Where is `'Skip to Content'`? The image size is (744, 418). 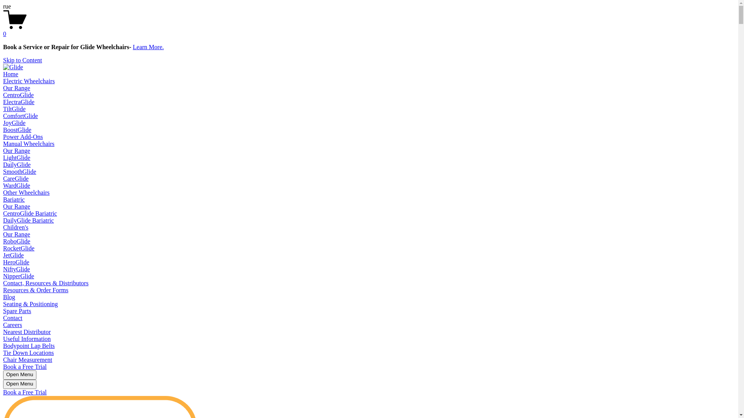
'Skip to Content' is located at coordinates (22, 60).